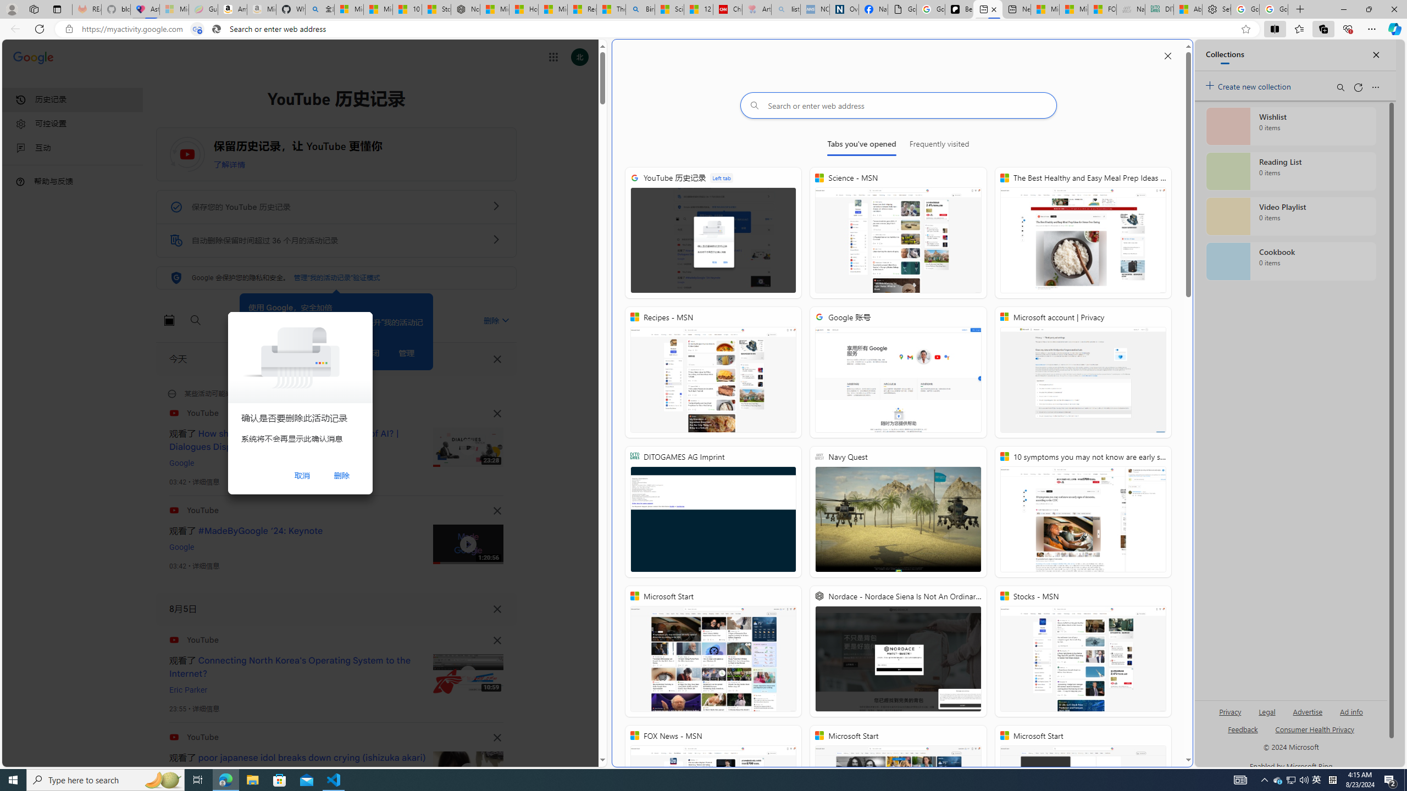 The height and width of the screenshot is (791, 1407). I want to click on 'New split screen', so click(988, 9).